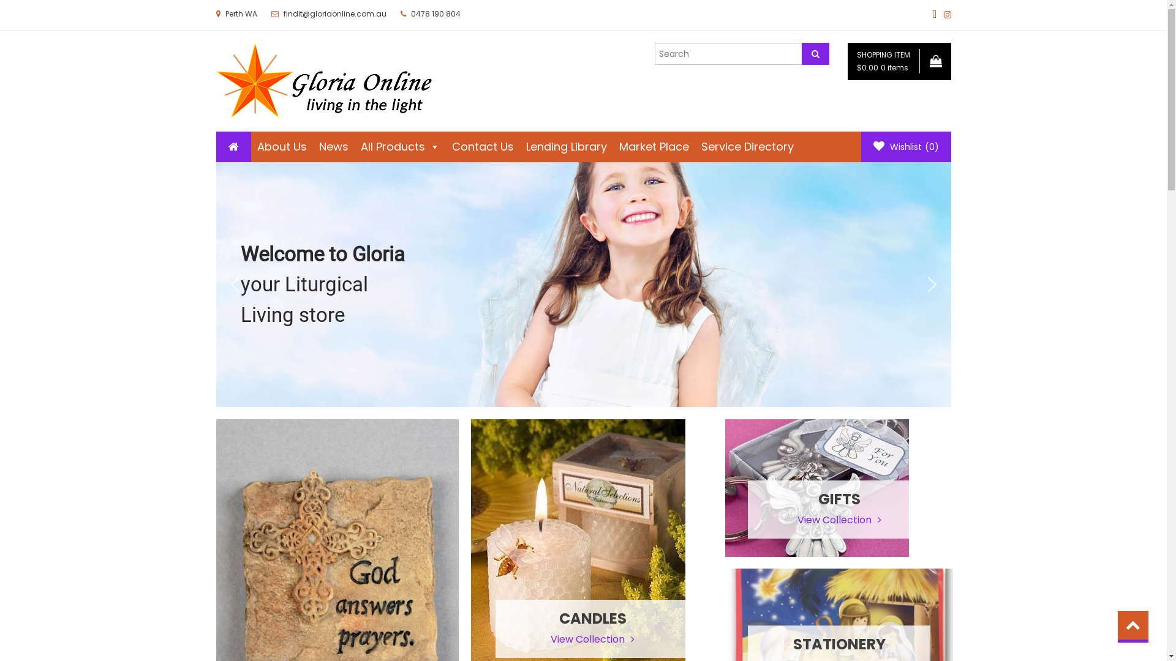 Image resolution: width=1176 pixels, height=661 pixels. I want to click on 'Market Place', so click(652, 146).